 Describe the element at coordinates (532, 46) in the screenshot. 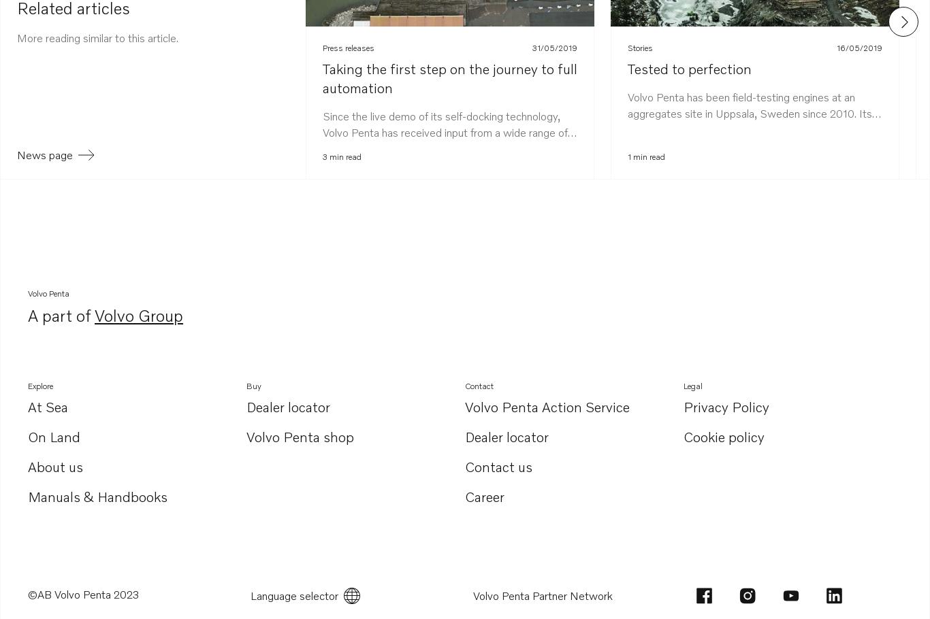

I see `'31/05/2019'` at that location.